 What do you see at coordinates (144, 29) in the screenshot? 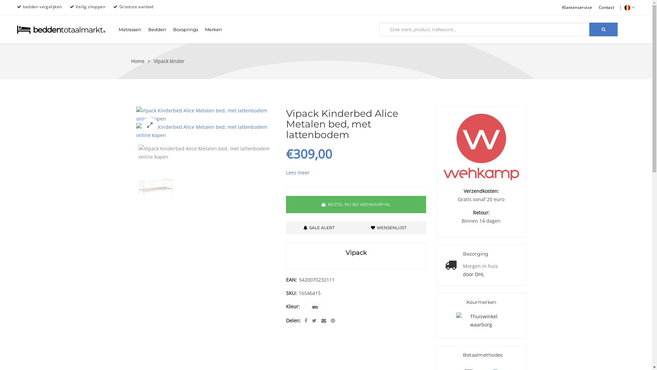
I see `'Bedden'` at bounding box center [144, 29].